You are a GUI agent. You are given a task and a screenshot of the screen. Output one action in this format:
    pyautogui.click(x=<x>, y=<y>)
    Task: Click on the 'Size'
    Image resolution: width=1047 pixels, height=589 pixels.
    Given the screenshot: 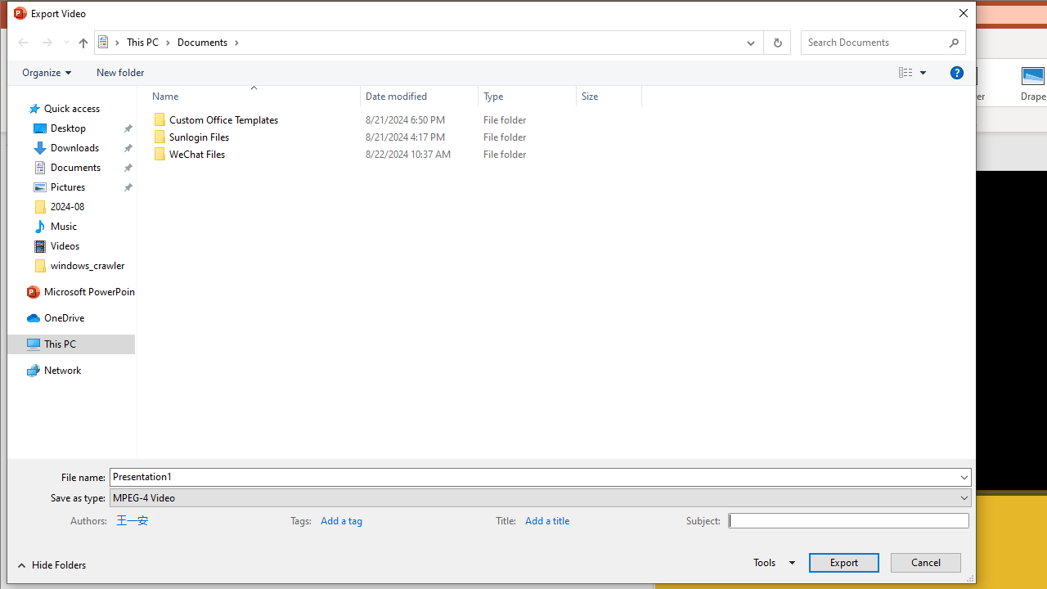 What is the action you would take?
    pyautogui.click(x=608, y=96)
    